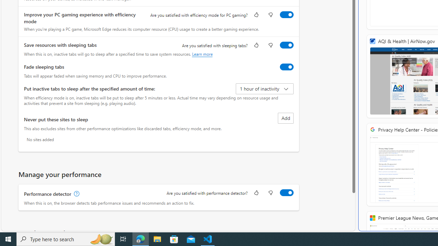  Describe the element at coordinates (286, 192) in the screenshot. I see `'Performance detector'` at that location.